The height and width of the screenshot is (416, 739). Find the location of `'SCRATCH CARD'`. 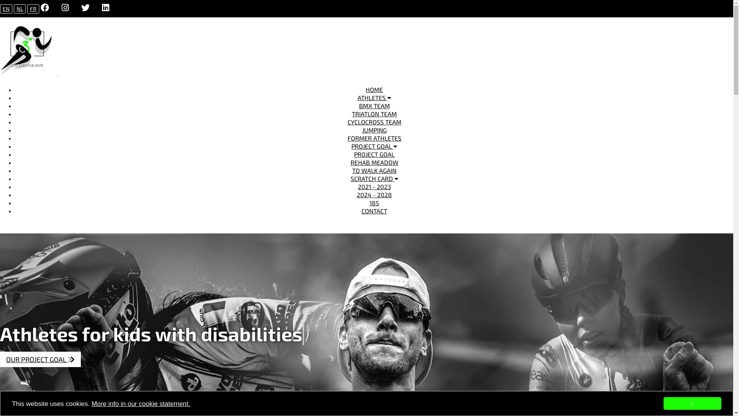

'SCRATCH CARD' is located at coordinates (374, 178).